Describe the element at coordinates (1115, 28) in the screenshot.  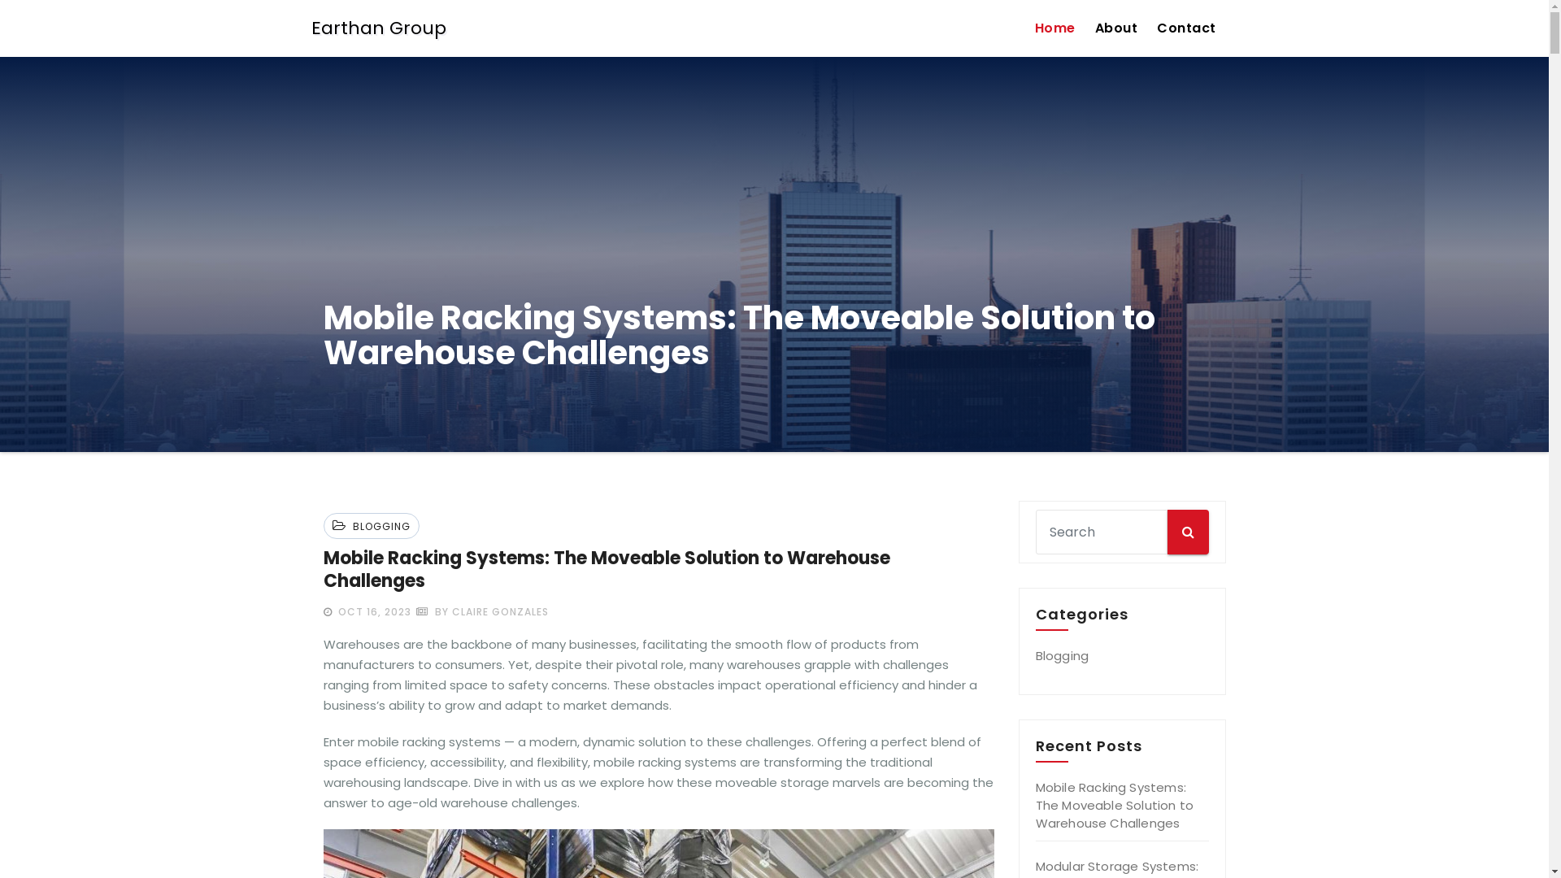
I see `'About'` at that location.